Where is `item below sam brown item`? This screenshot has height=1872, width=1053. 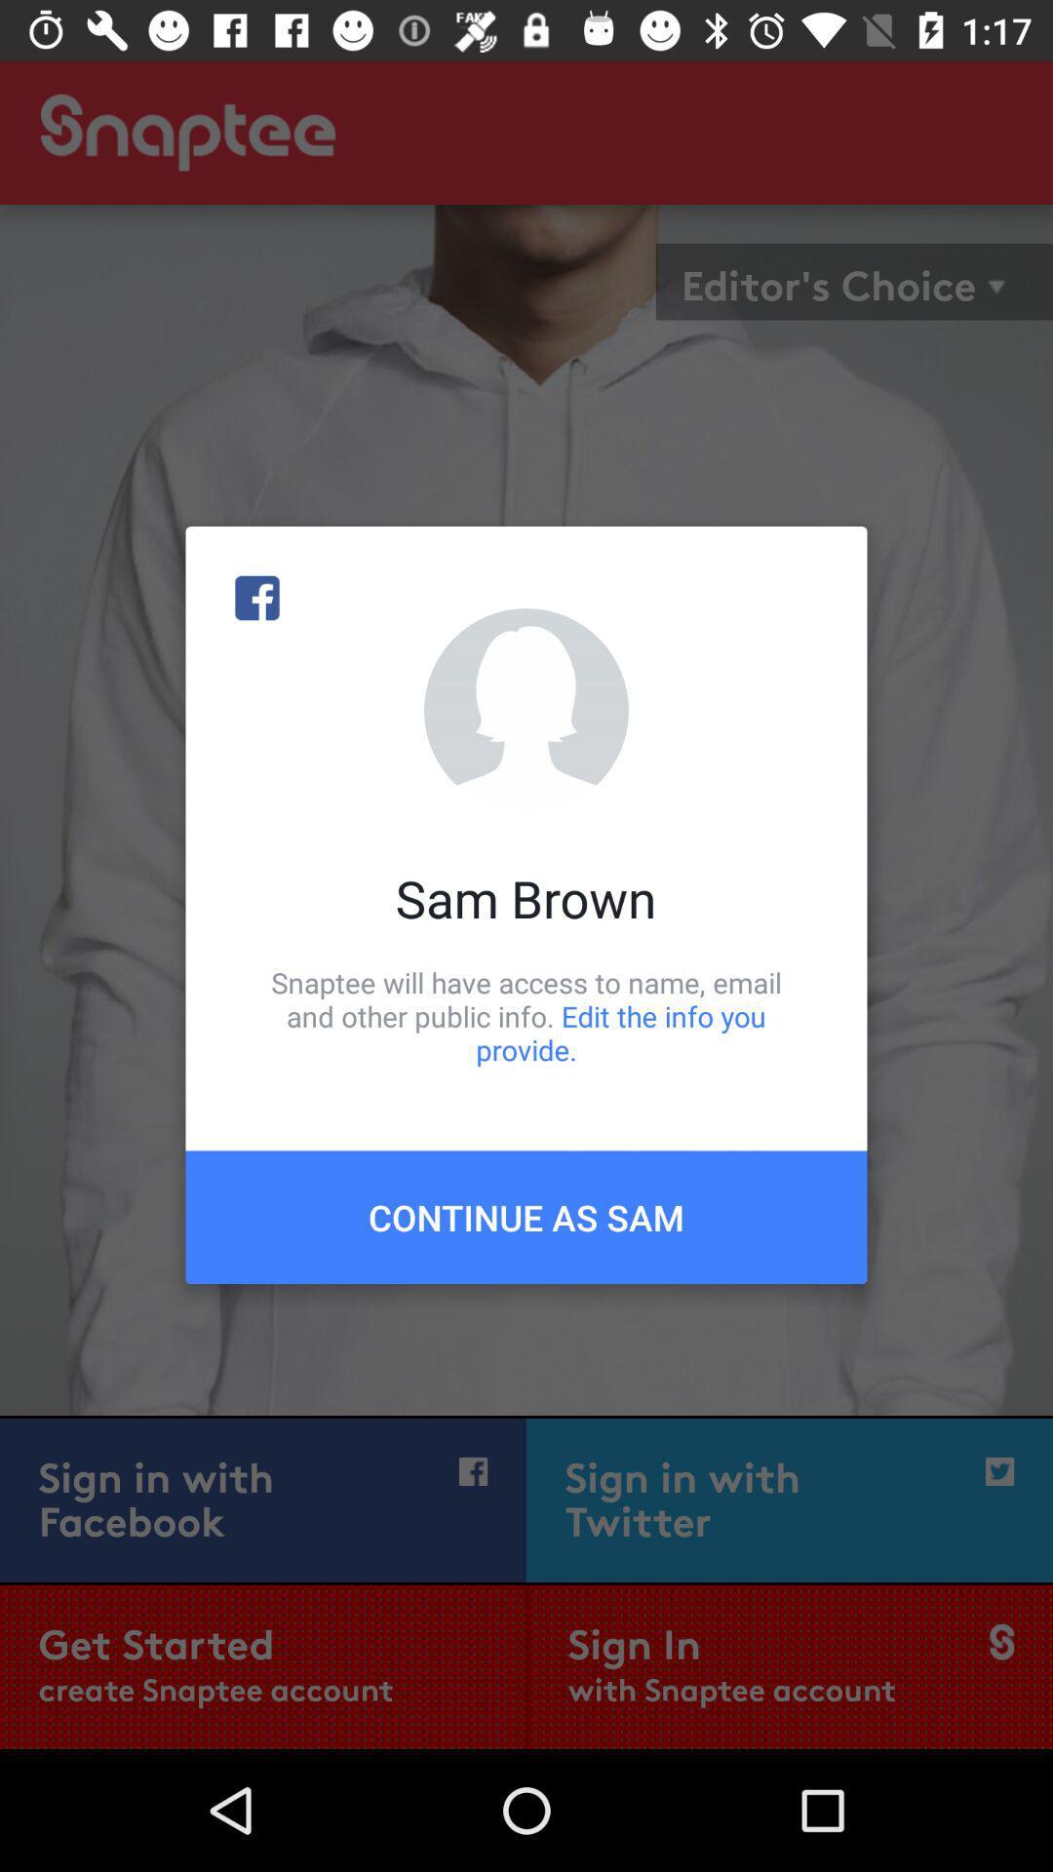 item below sam brown item is located at coordinates (526, 1015).